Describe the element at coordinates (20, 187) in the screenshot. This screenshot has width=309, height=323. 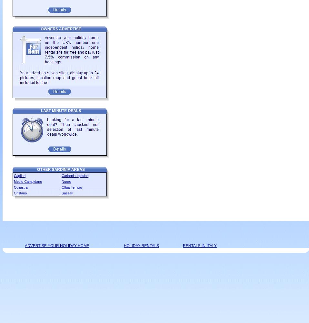
I see `'Ogliastra'` at that location.